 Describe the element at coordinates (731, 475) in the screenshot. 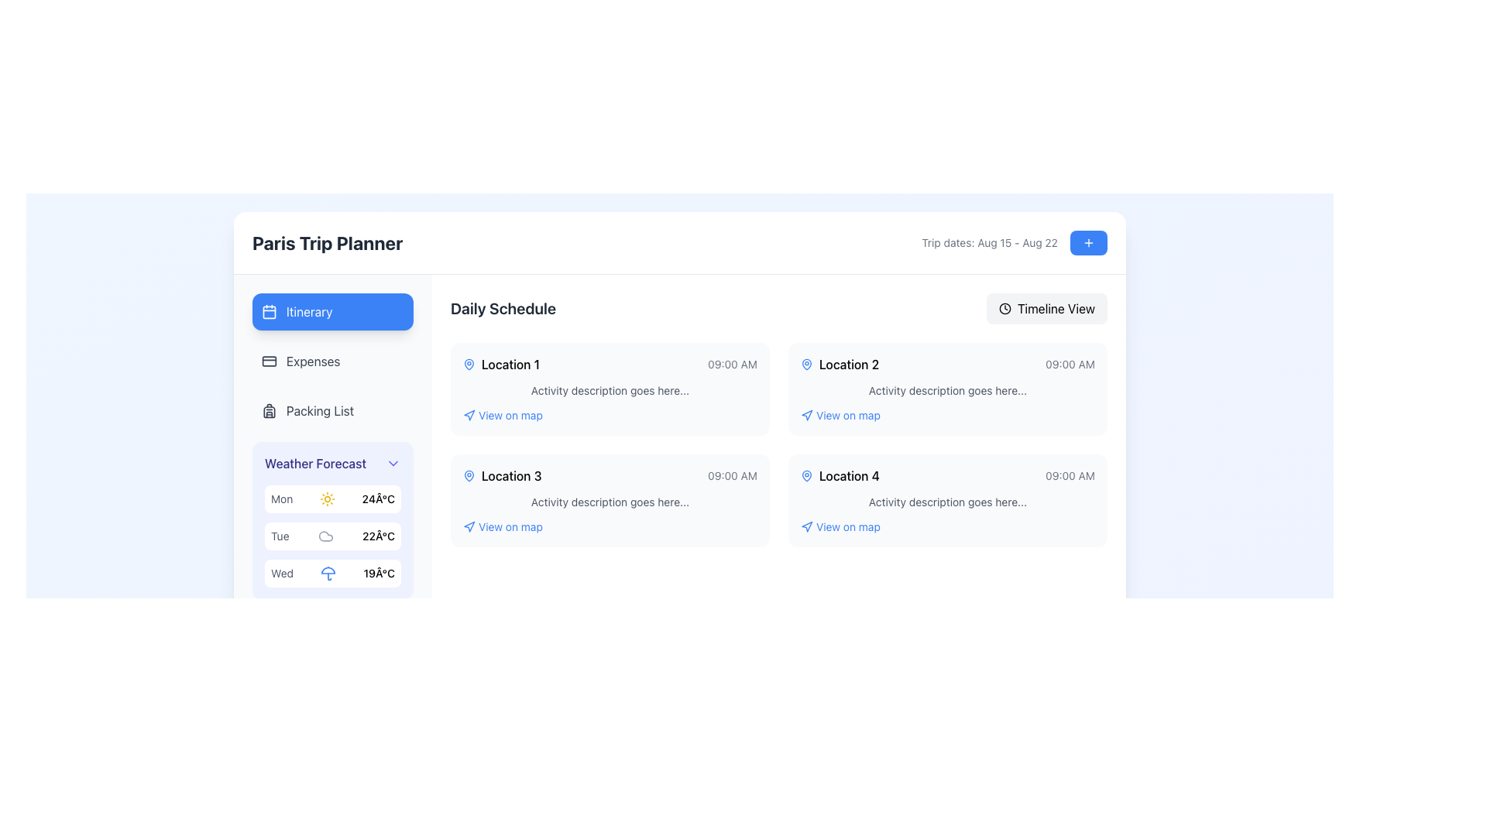

I see `time displayed in the text label next to 'Location 3' in the 'Daily Schedule' section of the 'Paris Trip Planner' interface` at that location.